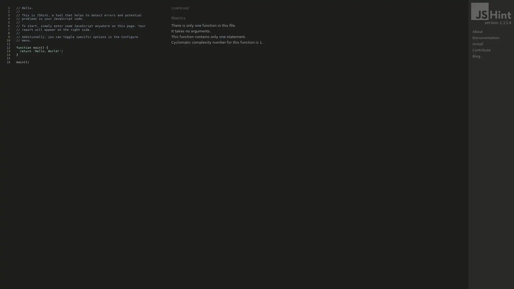 Image resolution: width=514 pixels, height=289 pixels. I want to click on CONFIGURE, so click(180, 8).